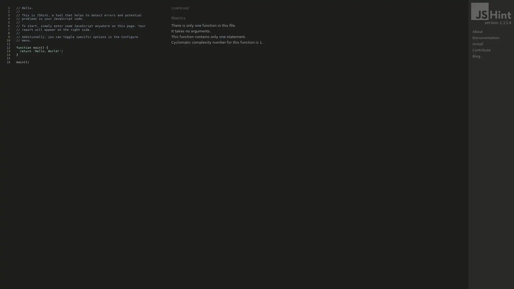 Image resolution: width=514 pixels, height=289 pixels. I want to click on CONFIGURE, so click(180, 8).